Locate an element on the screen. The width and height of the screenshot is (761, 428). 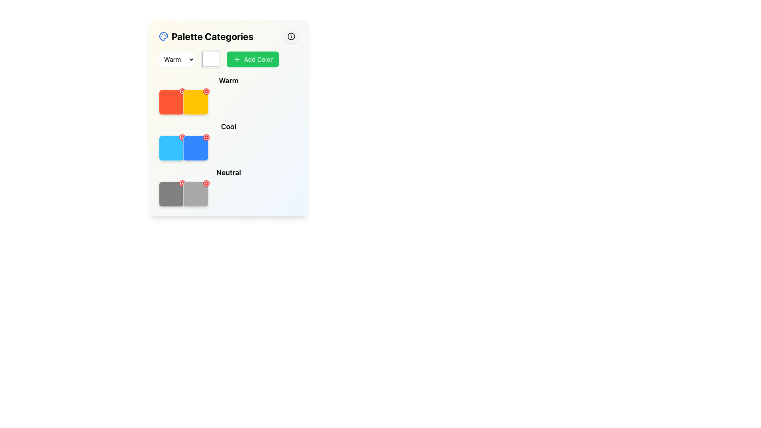
the small rectangular close button icon with rounded corners located in the top-right corner of the 'Warm' category section is located at coordinates (207, 91).